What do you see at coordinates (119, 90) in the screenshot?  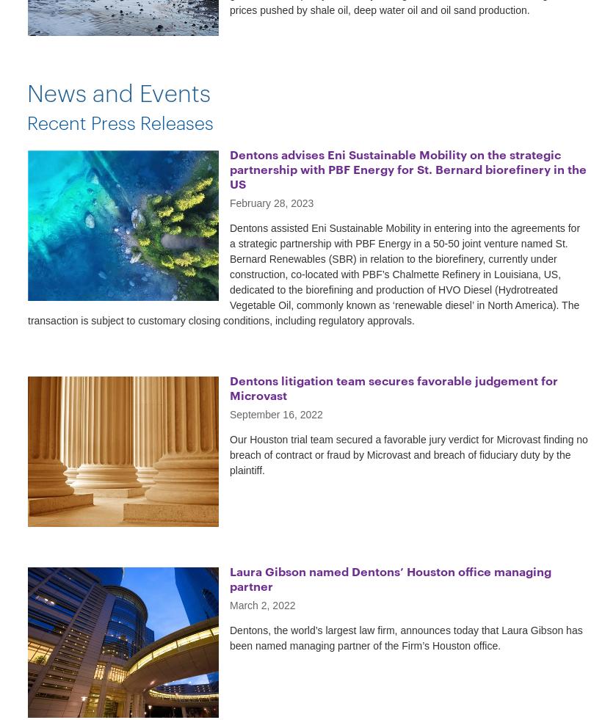 I see `'News and Events'` at bounding box center [119, 90].